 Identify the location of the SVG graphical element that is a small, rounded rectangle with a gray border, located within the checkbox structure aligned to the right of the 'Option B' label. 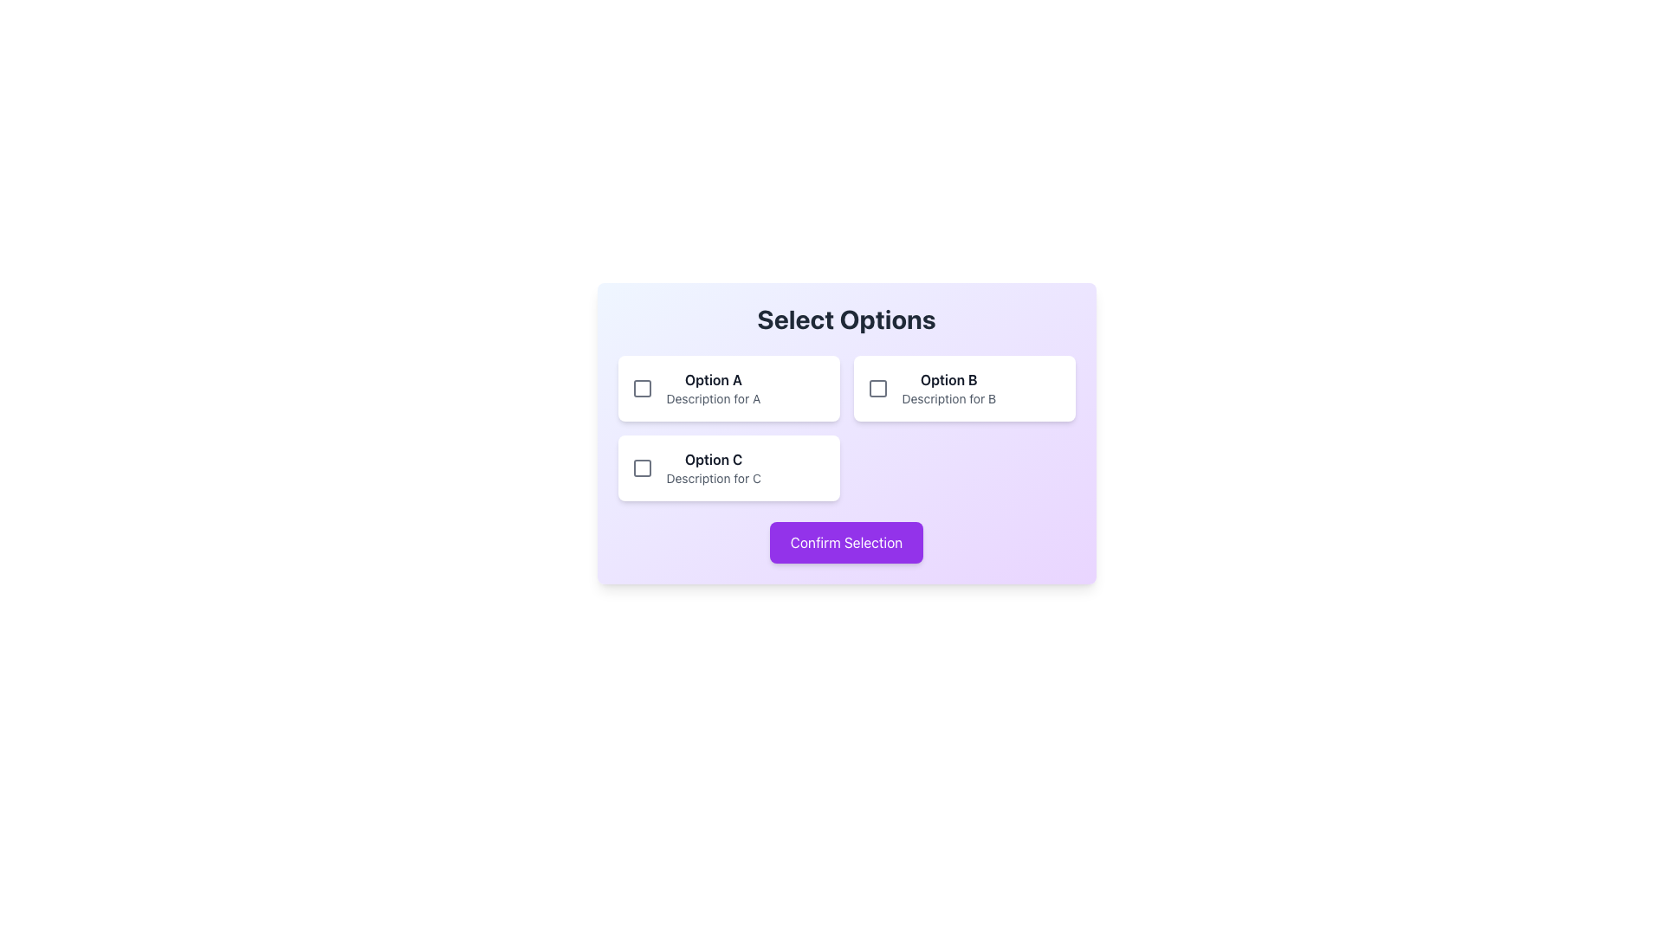
(877, 387).